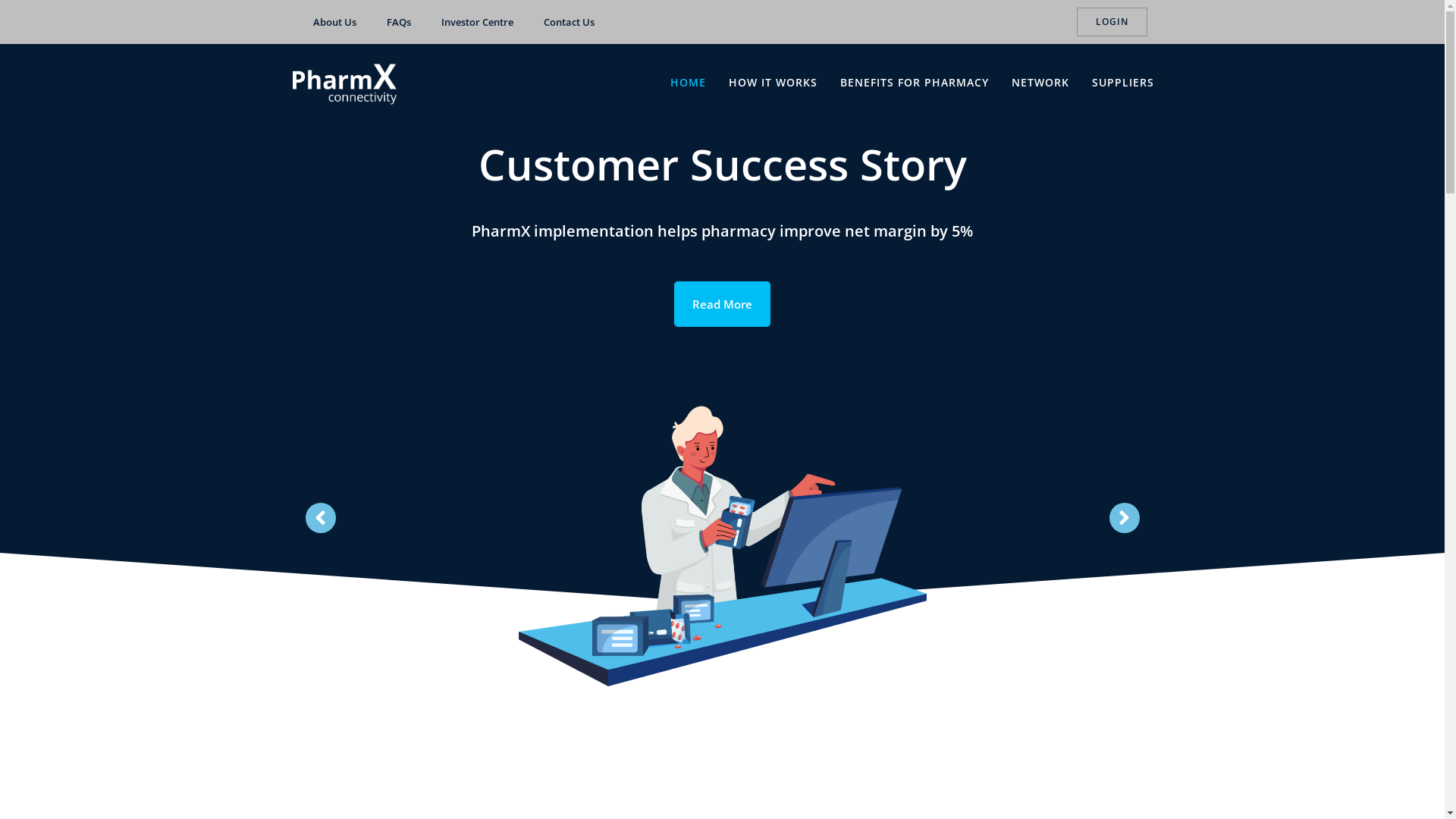 The width and height of the screenshot is (1456, 819). What do you see at coordinates (333, 22) in the screenshot?
I see `'About Us'` at bounding box center [333, 22].